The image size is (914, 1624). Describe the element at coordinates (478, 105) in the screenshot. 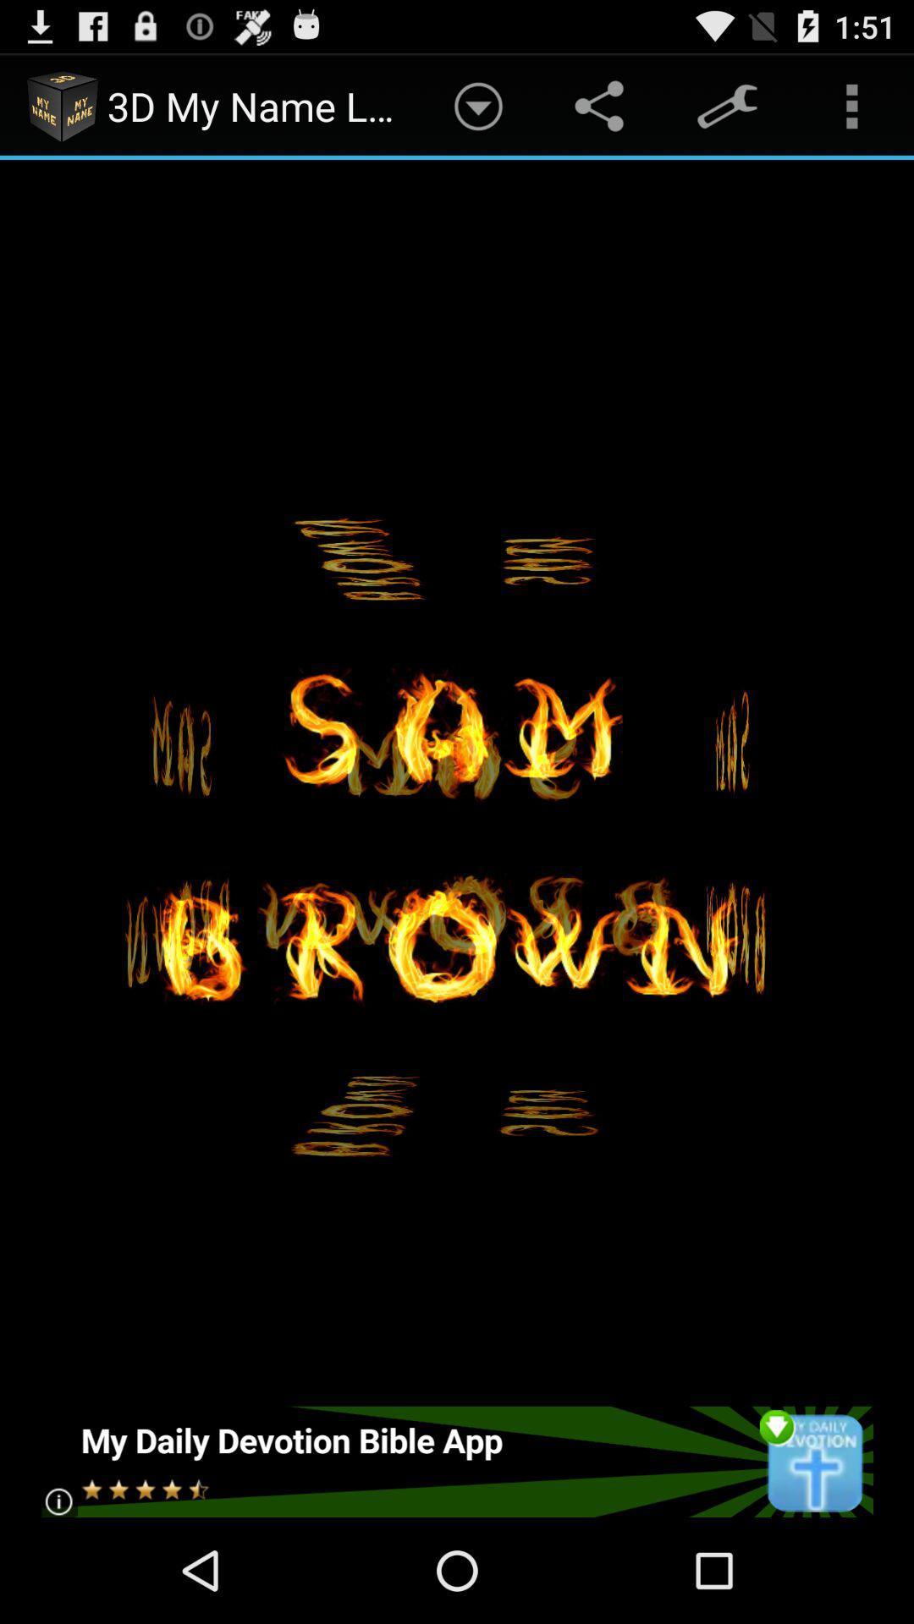

I see `icon next to 3d my name` at that location.